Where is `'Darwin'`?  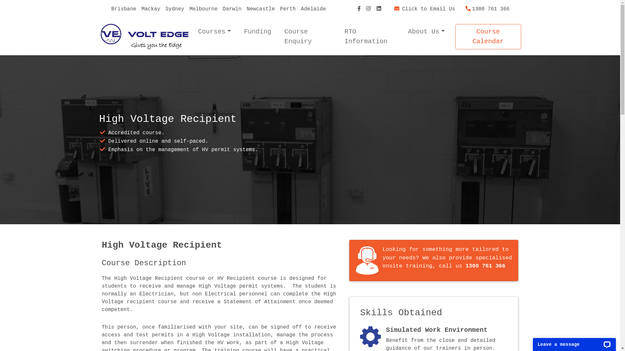
'Darwin' is located at coordinates (232, 9).